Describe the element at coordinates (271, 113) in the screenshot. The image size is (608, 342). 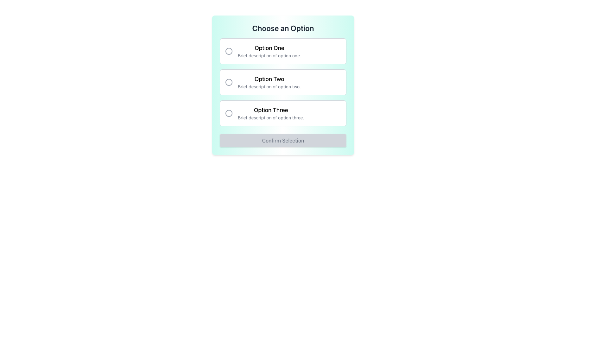
I see `to select the list item representing 'Option Three', which is the third item in a vertical list of selectable options` at that location.